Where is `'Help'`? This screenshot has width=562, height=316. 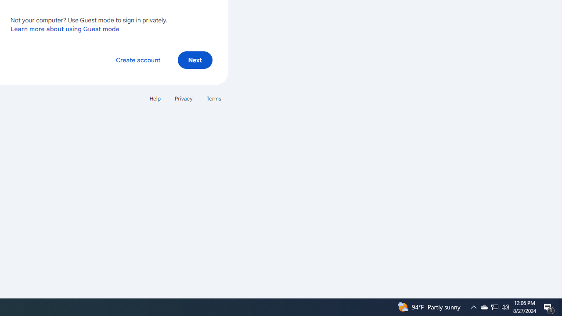 'Help' is located at coordinates (155, 98).